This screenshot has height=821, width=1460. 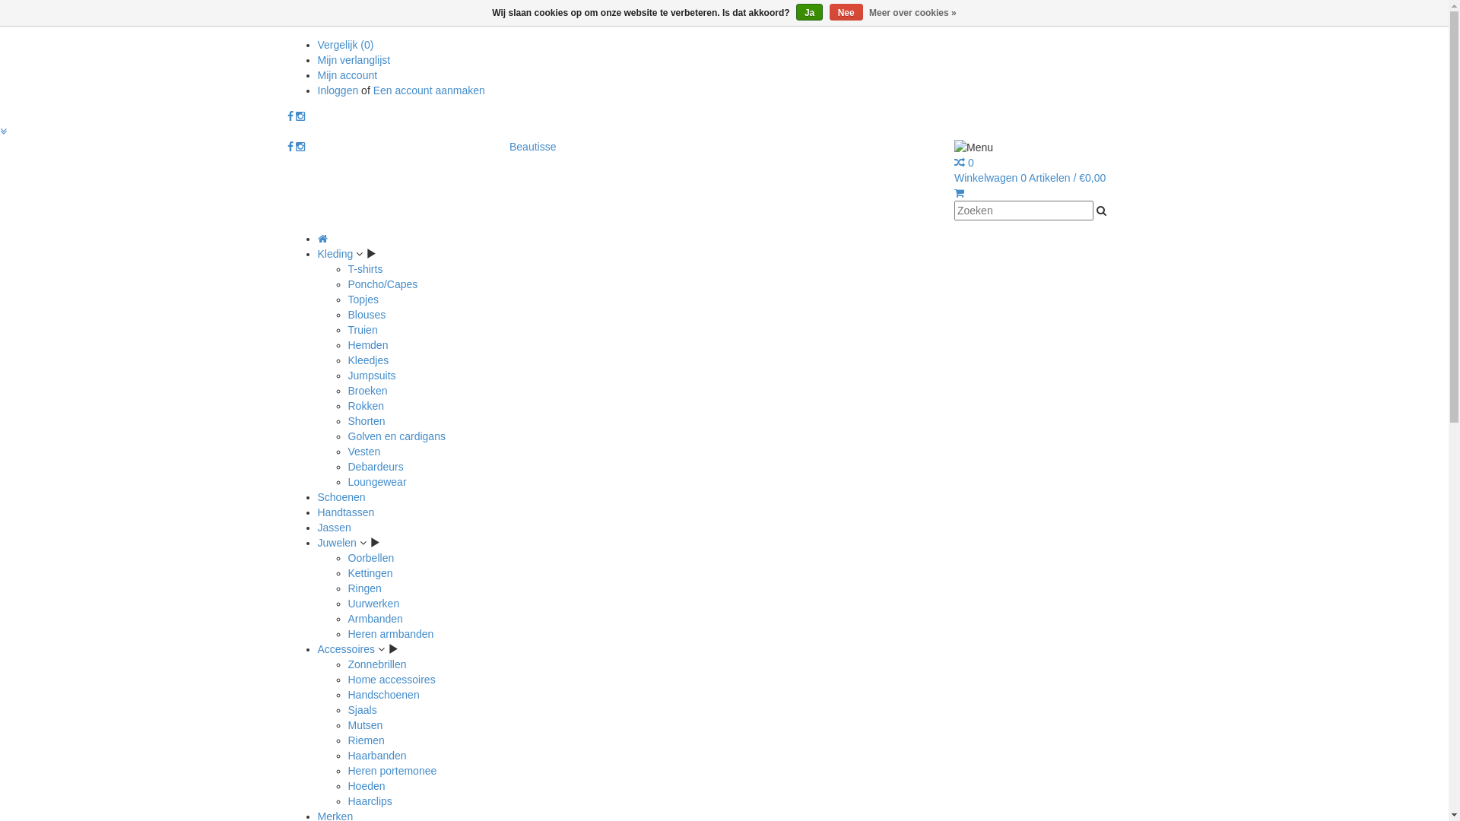 I want to click on 'Kleedjes', so click(x=347, y=360).